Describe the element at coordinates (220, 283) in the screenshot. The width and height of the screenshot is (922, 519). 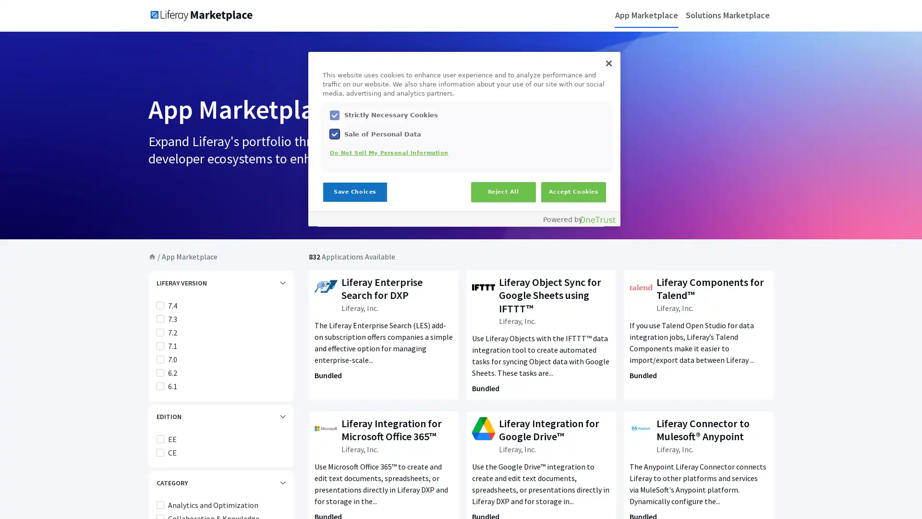
I see `LIFERAY VERSION` at that location.